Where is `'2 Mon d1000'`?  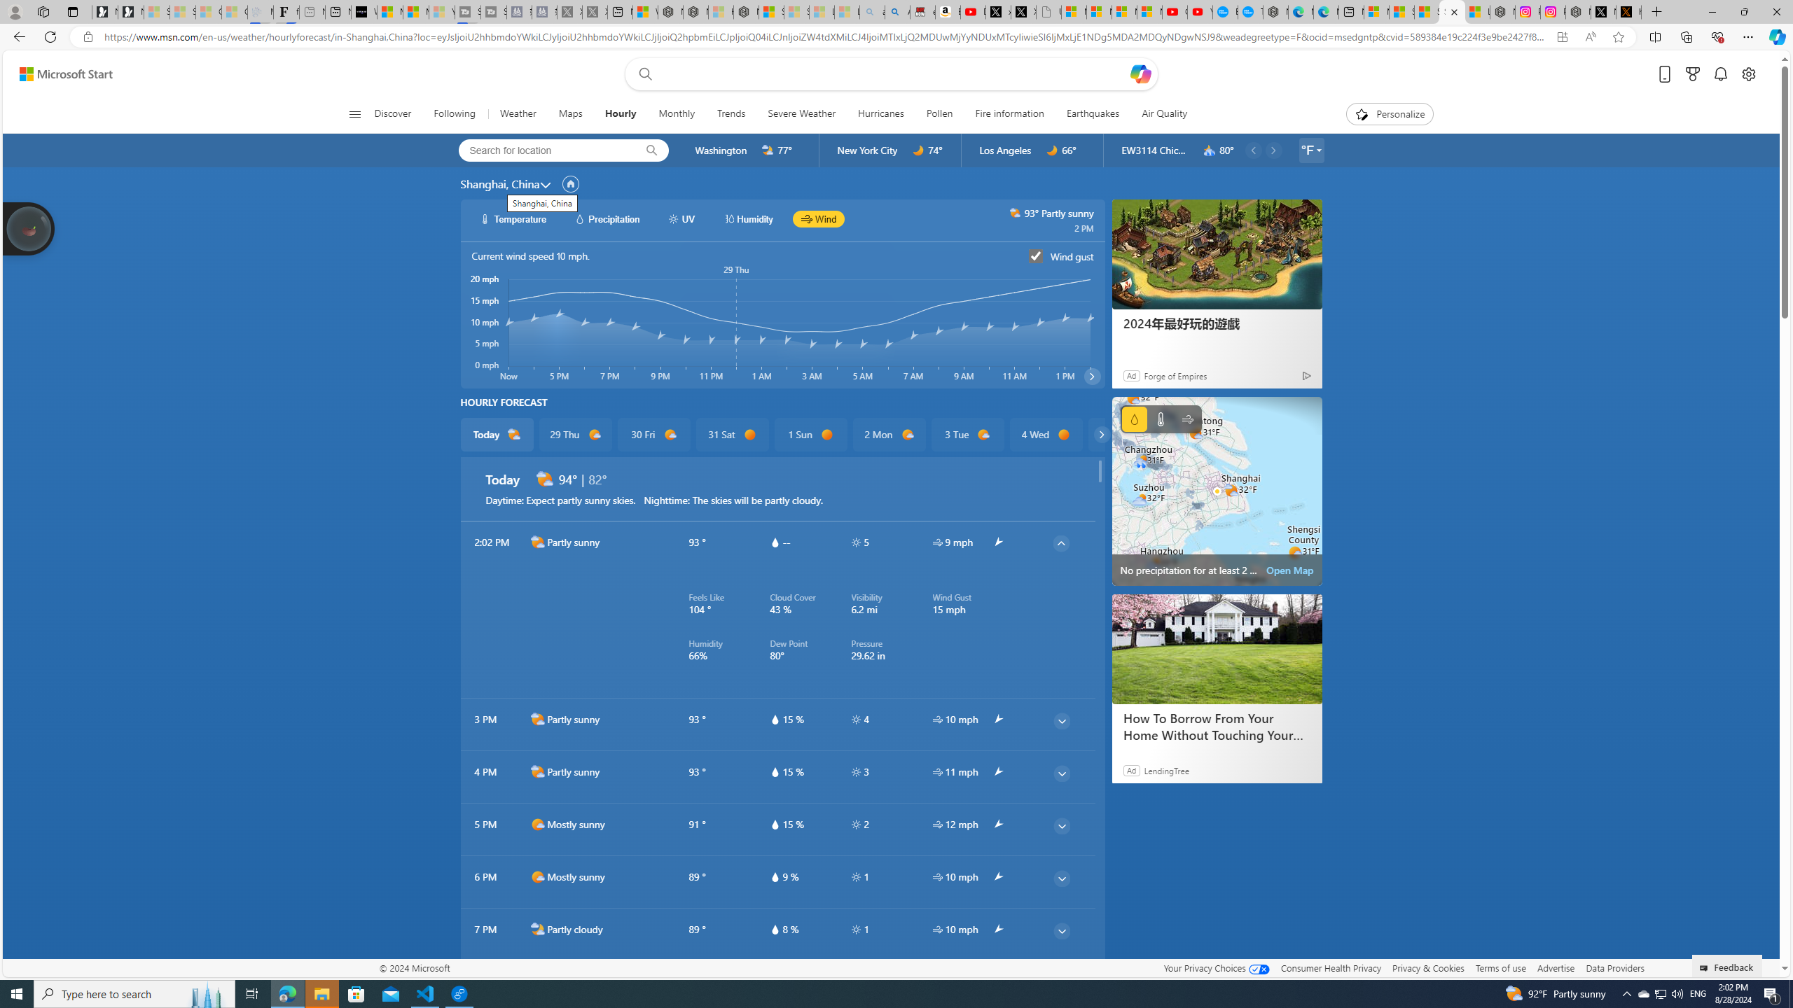 '2 Mon d1000' is located at coordinates (887, 434).